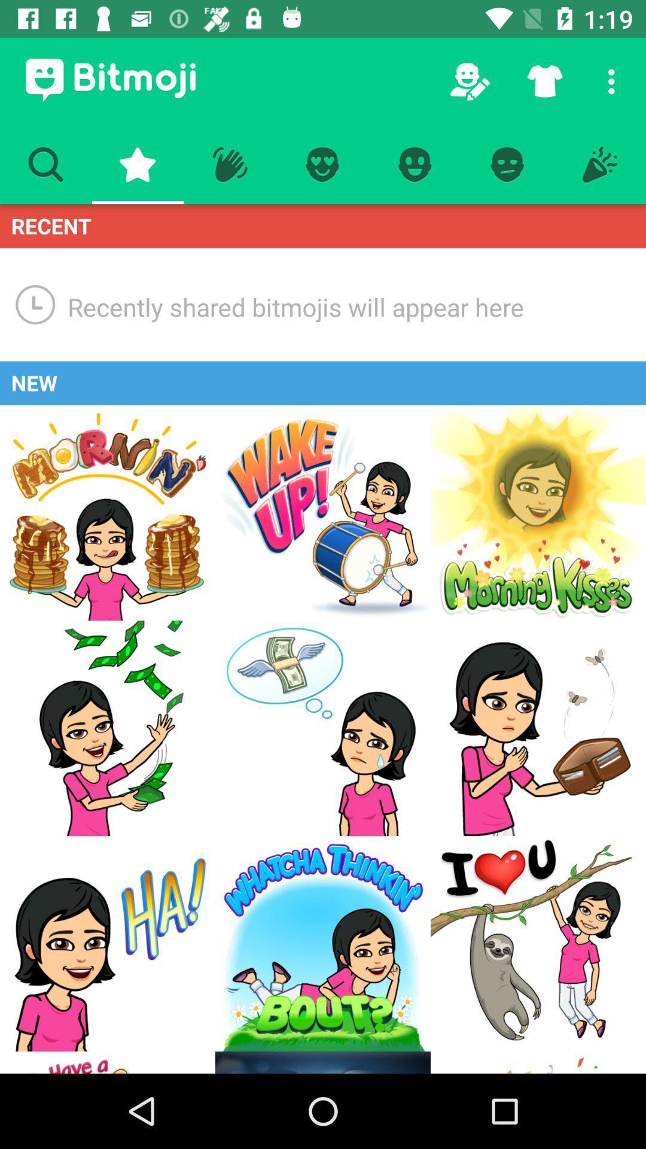 This screenshot has height=1149, width=646. Describe the element at coordinates (323, 728) in the screenshot. I see `see image` at that location.